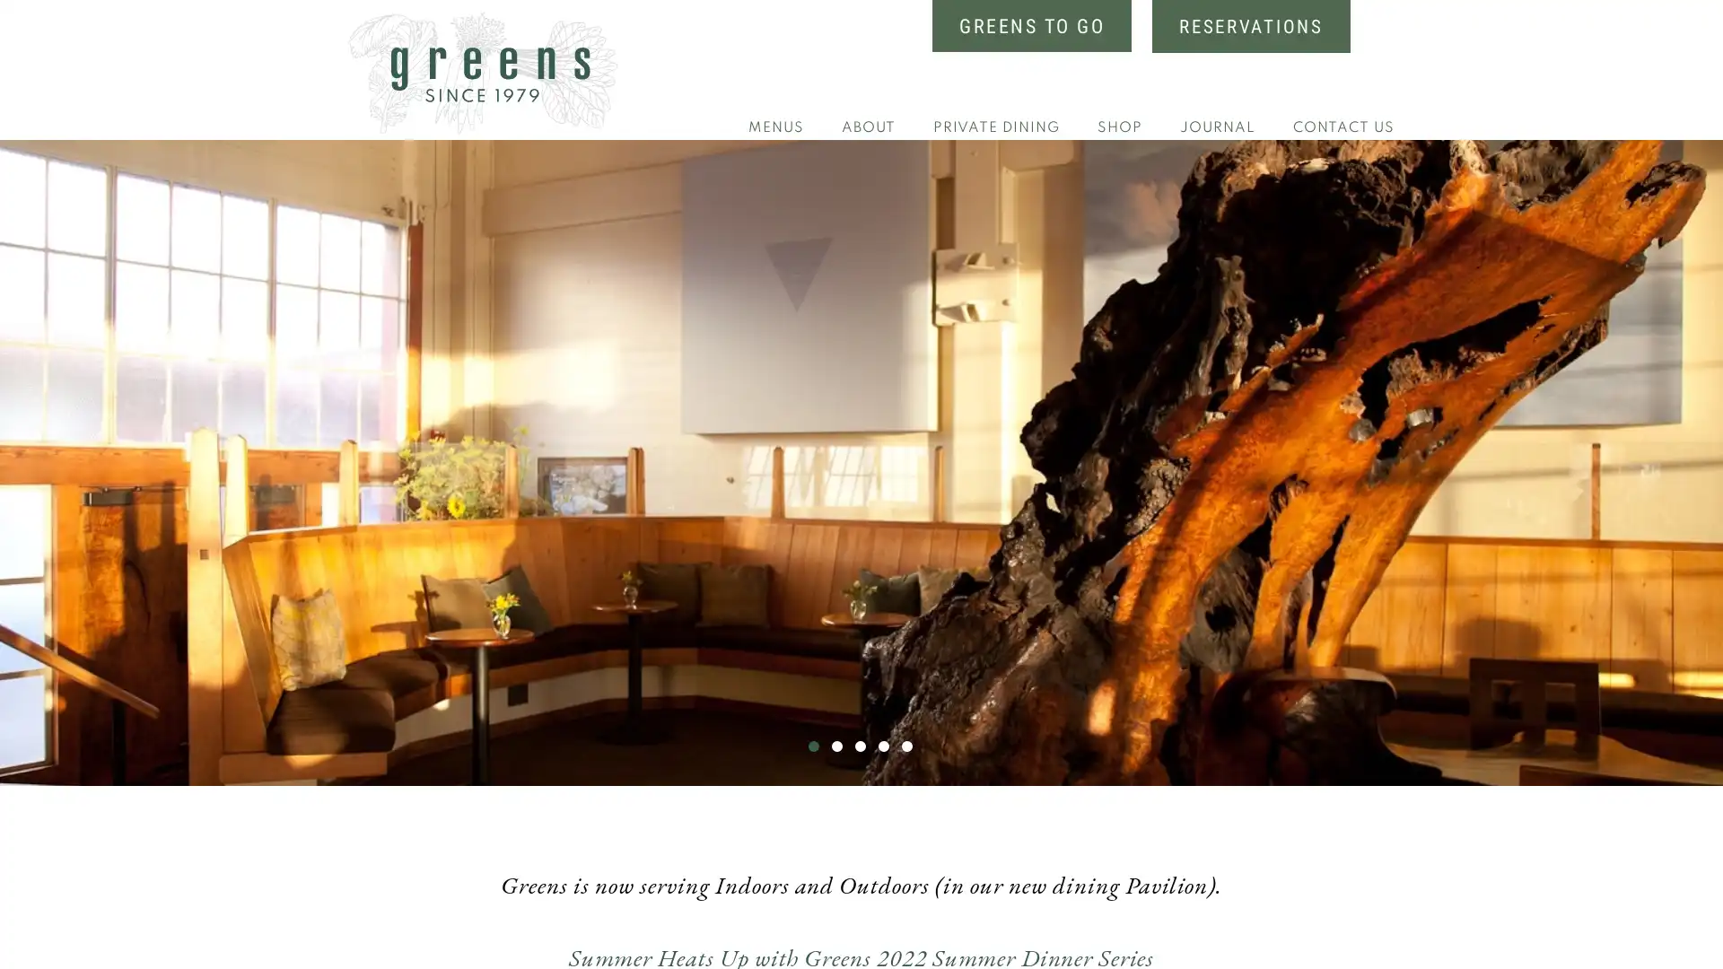 The width and height of the screenshot is (1723, 969). Describe the element at coordinates (813, 745) in the screenshot. I see `Go to slide 1` at that location.